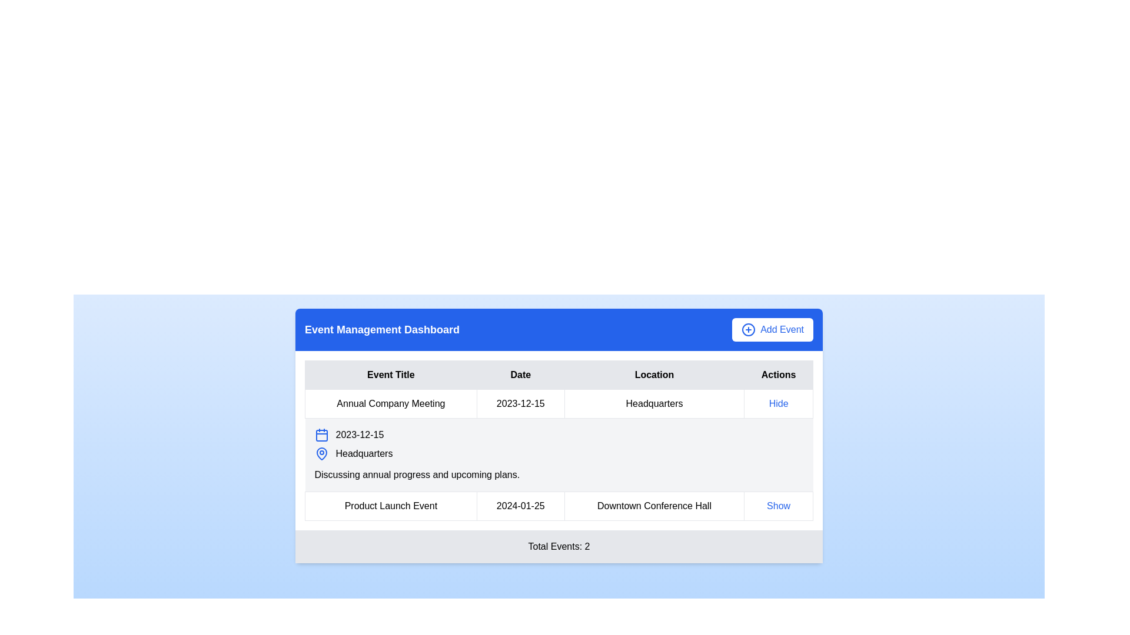  What do you see at coordinates (321, 453) in the screenshot?
I see `the location icon next to the text 'Headquarters'` at bounding box center [321, 453].